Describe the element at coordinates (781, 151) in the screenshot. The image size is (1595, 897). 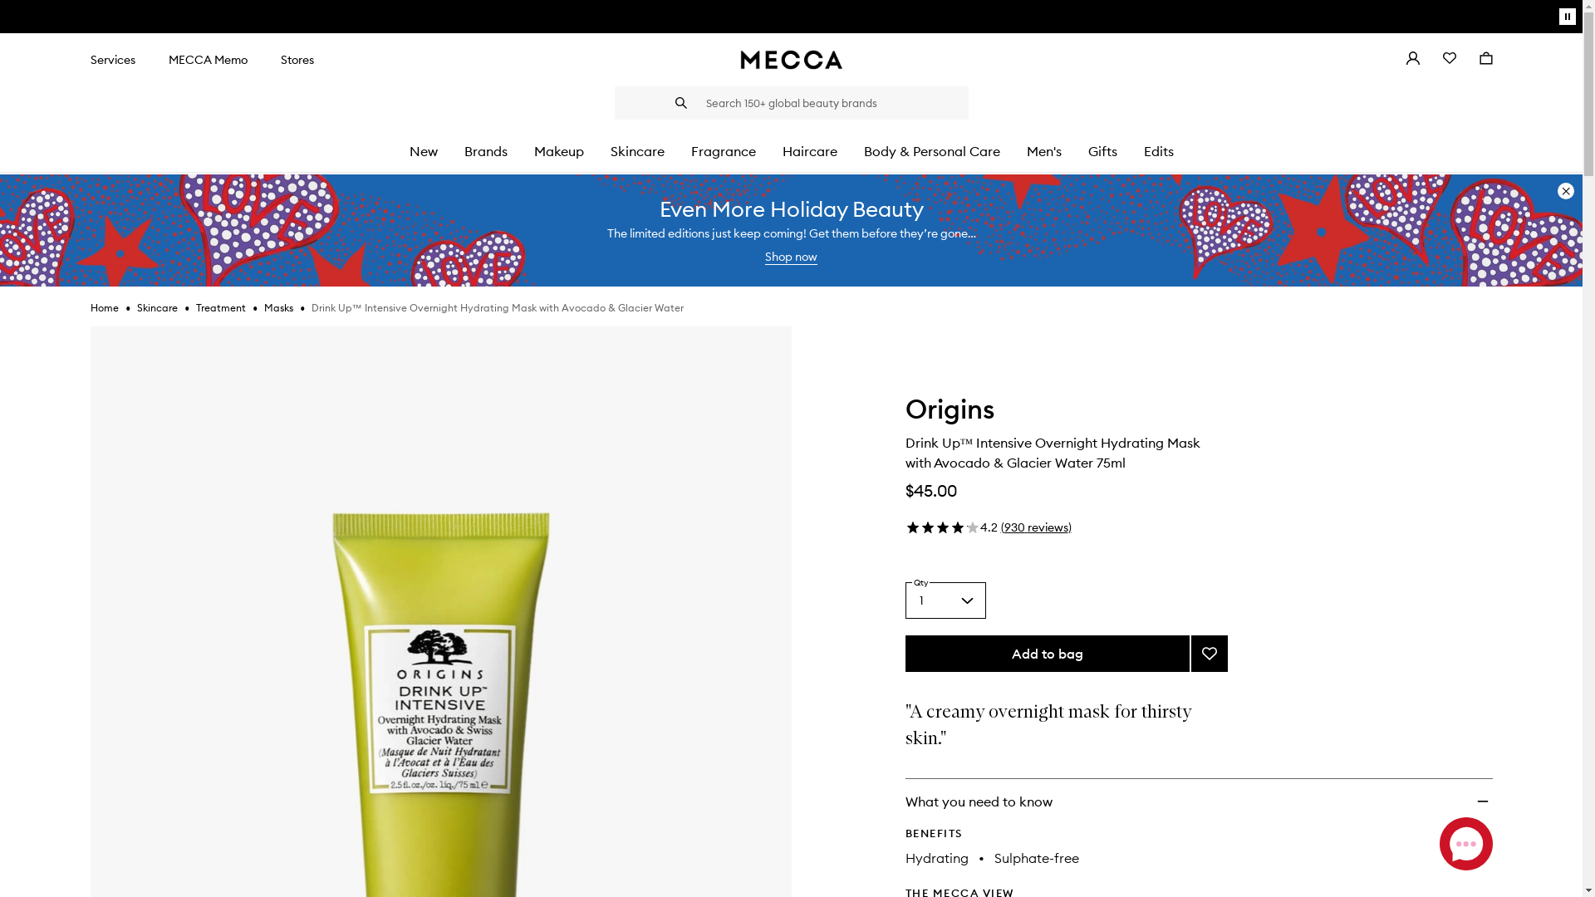
I see `'Haircare'` at that location.